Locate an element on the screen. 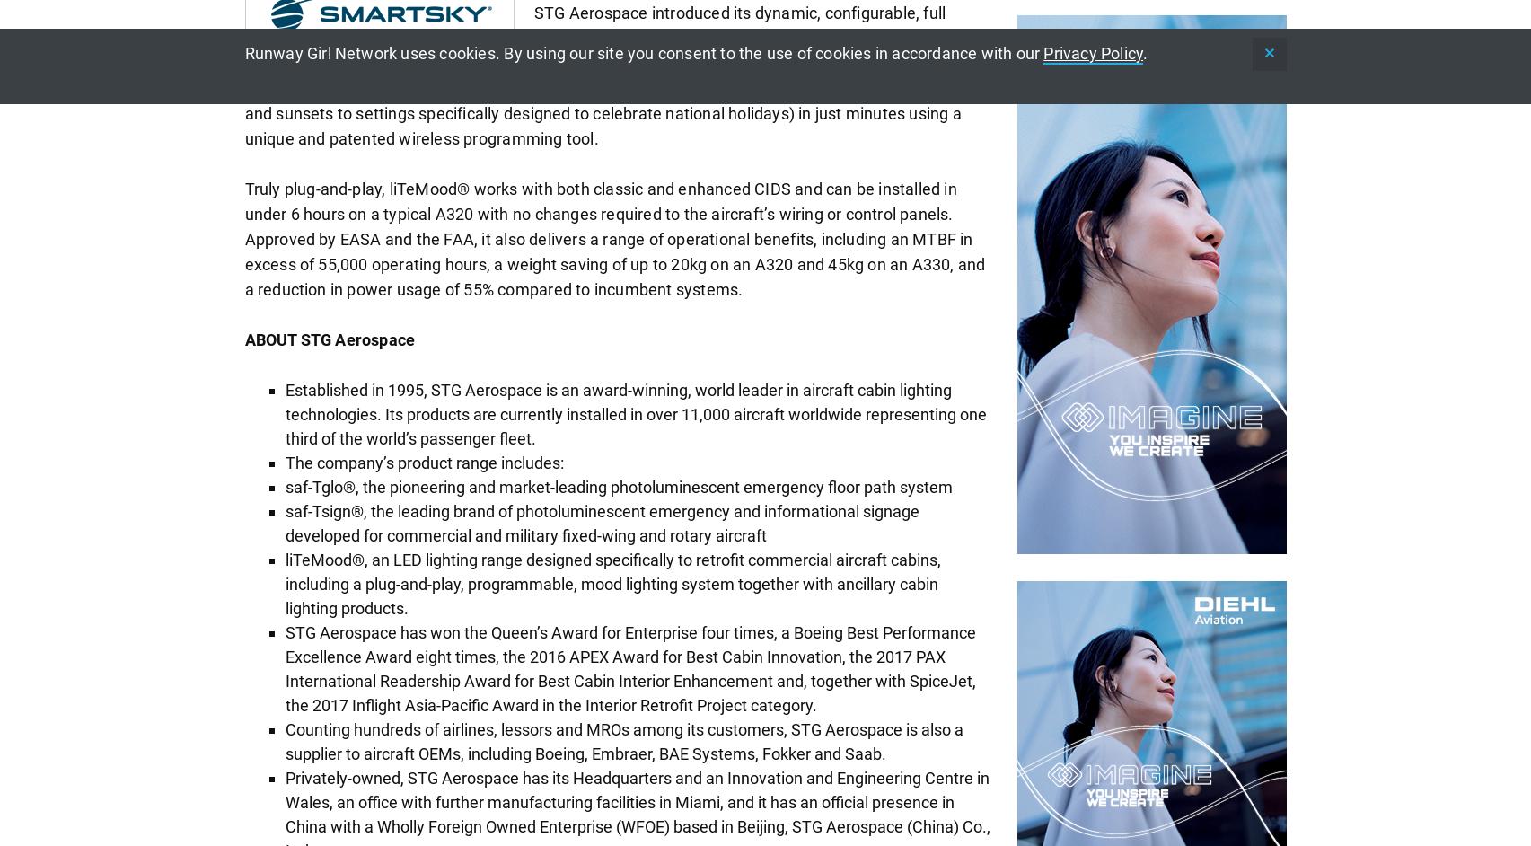 The image size is (1531, 846). 'Truly plug-and-play, liTeMood® works with both classic and enhanced CIDS and can be installed in under 6 hours on a typical A320 with no changes required to the aircraft’s wiring or control panels. Approved by EASA and the FAA, it also delivers a range of operational benefits, including an MTBF in excess of 55,000 operating hours, a weight saving of up to 20kg on an A320 and 45kg on an A330, and a reduction in power usage of 55% compared to incumbent systems.' is located at coordinates (614, 238).